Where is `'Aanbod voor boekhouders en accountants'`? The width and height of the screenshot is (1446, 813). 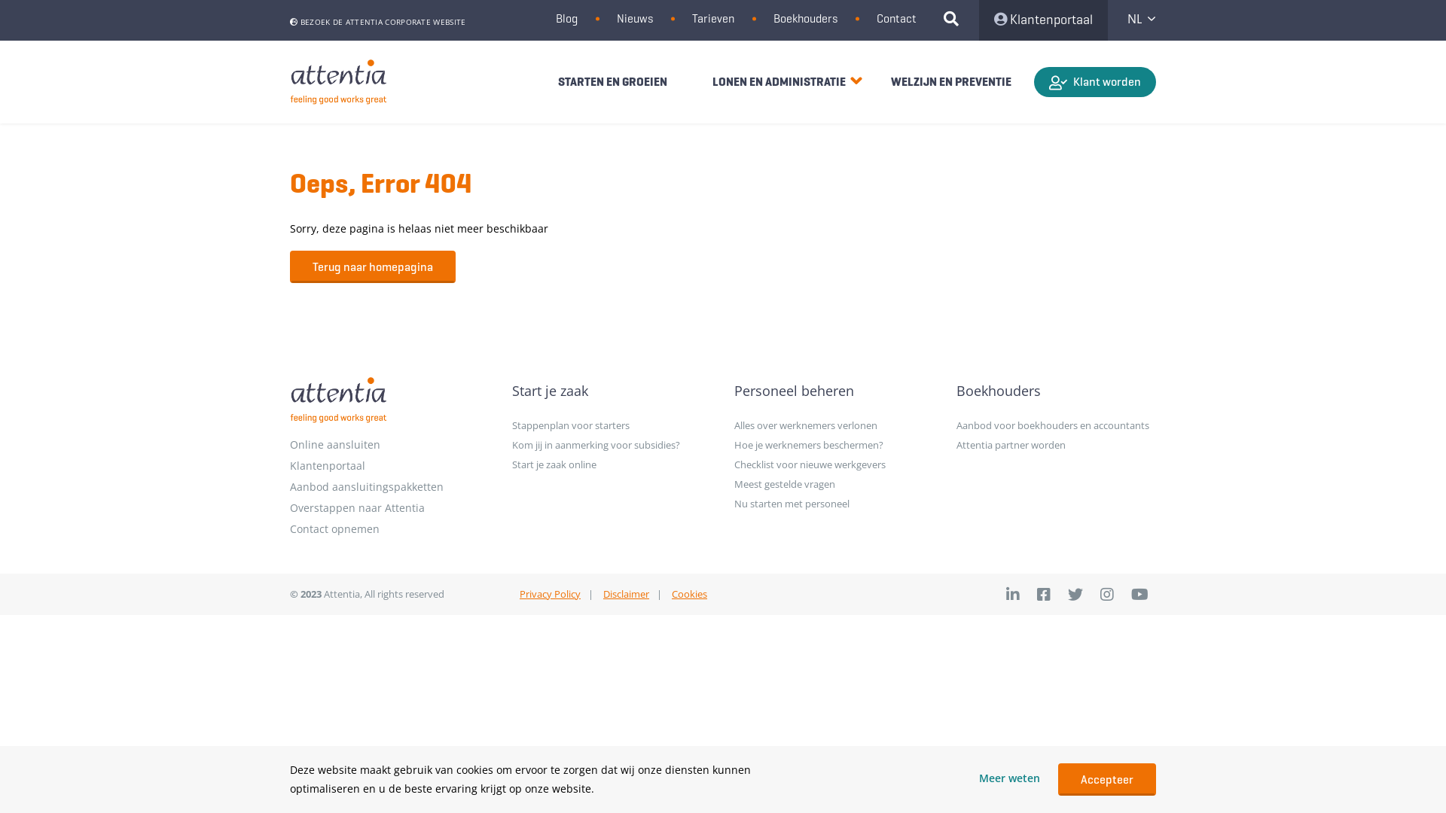
'Aanbod voor boekhouders en accountants' is located at coordinates (1055, 425).